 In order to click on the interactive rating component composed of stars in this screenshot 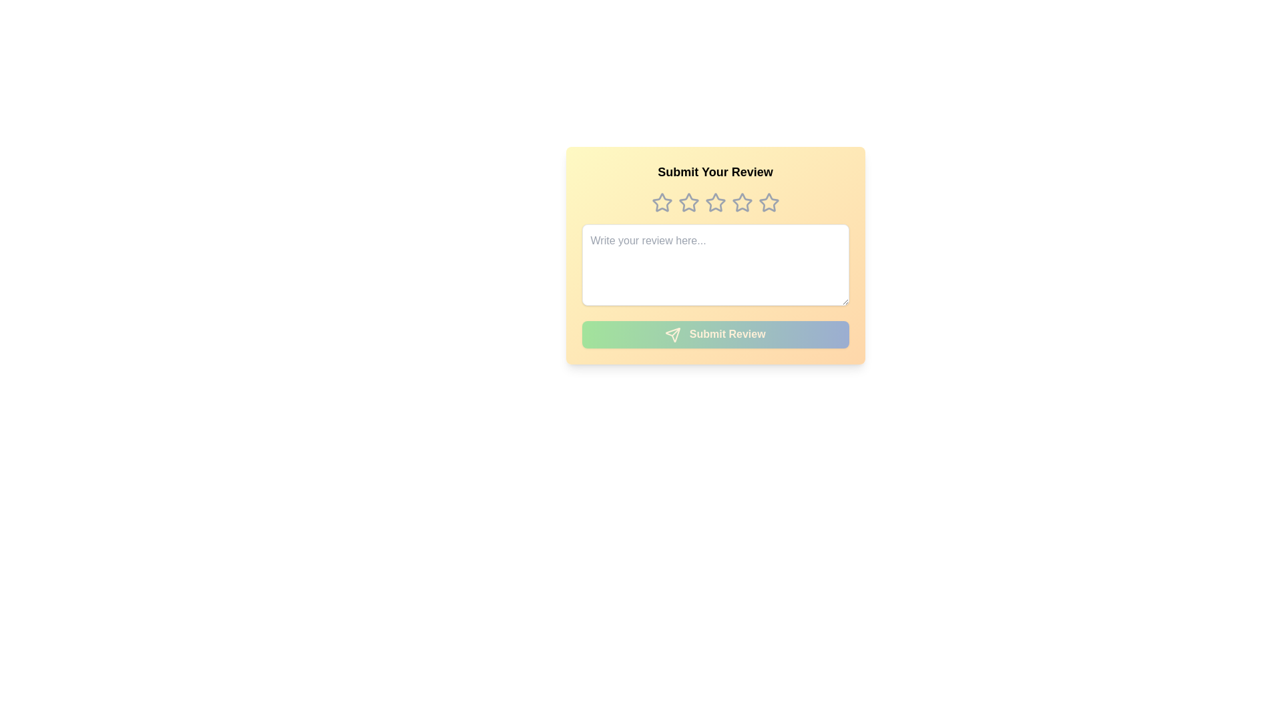, I will do `click(714, 203)`.